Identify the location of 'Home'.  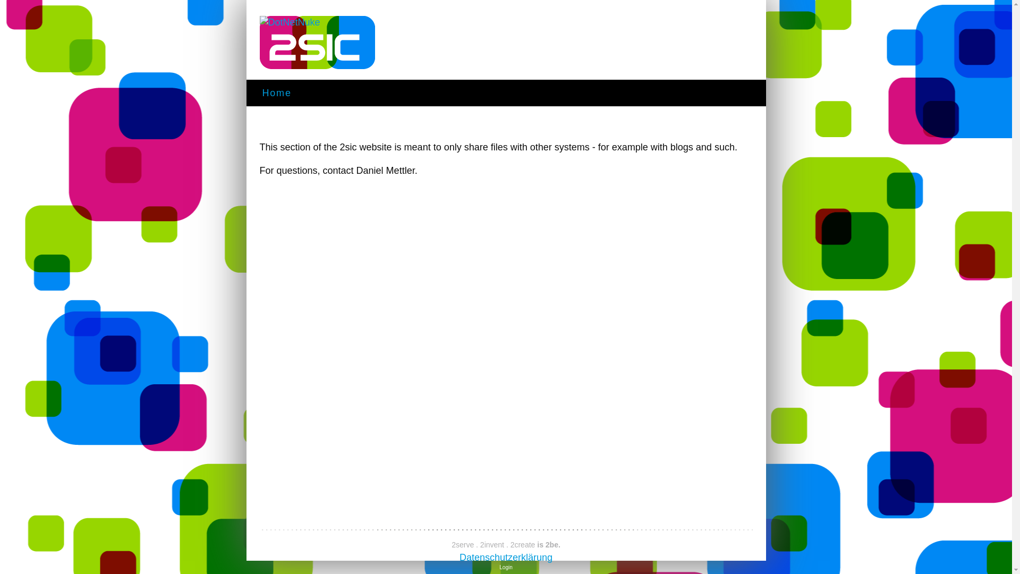
(277, 96).